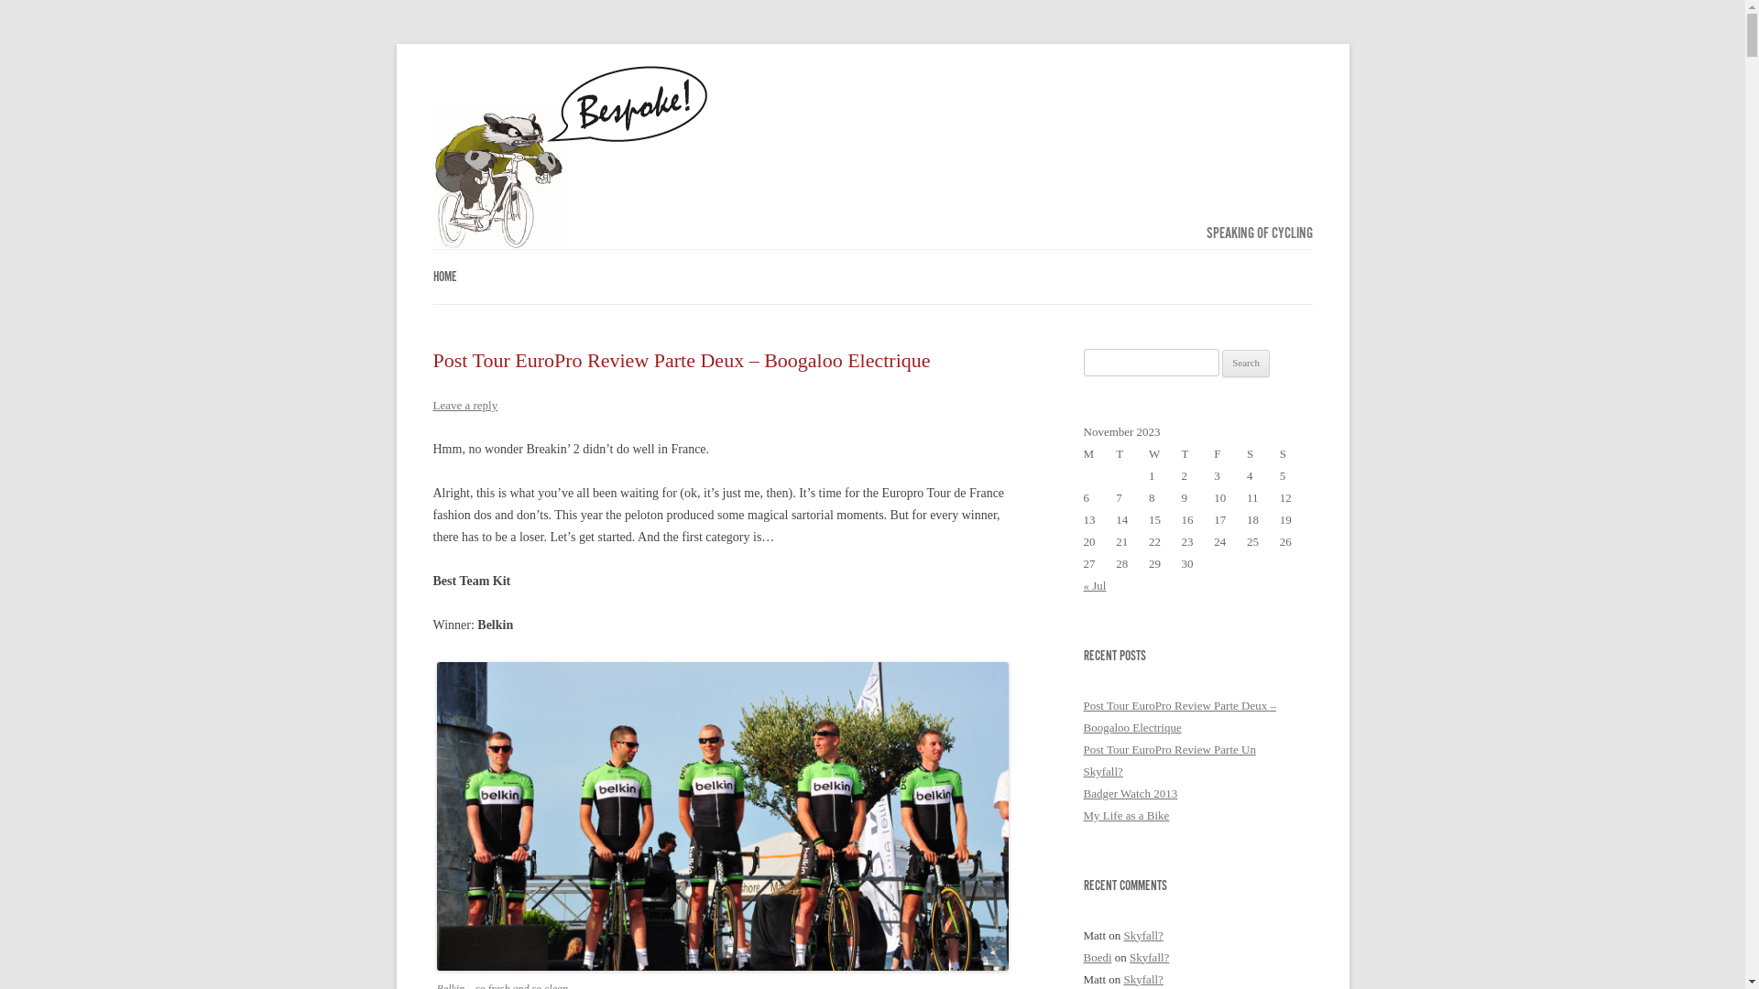 The image size is (1759, 989). What do you see at coordinates (1142, 978) in the screenshot?
I see `'Skyfall?'` at bounding box center [1142, 978].